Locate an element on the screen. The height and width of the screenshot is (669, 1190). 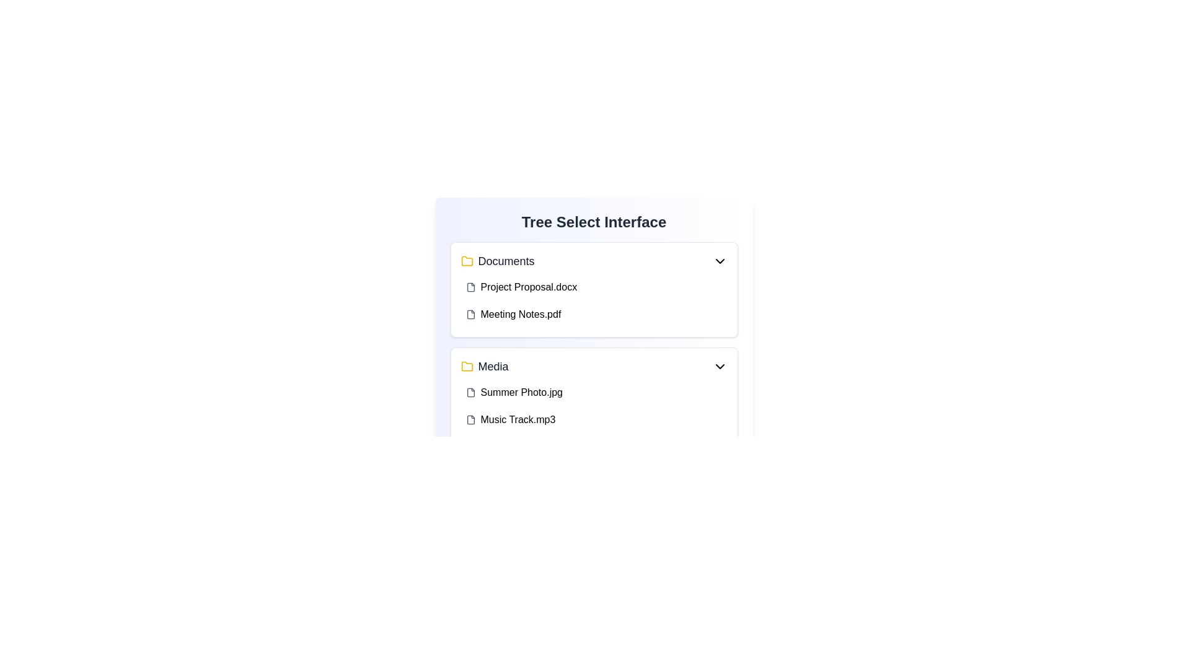
the Collapsible Header labeled 'Media' for further interactions, which includes a yellow folder icon on the left and a downward arrow icon on the right is located at coordinates (593, 365).